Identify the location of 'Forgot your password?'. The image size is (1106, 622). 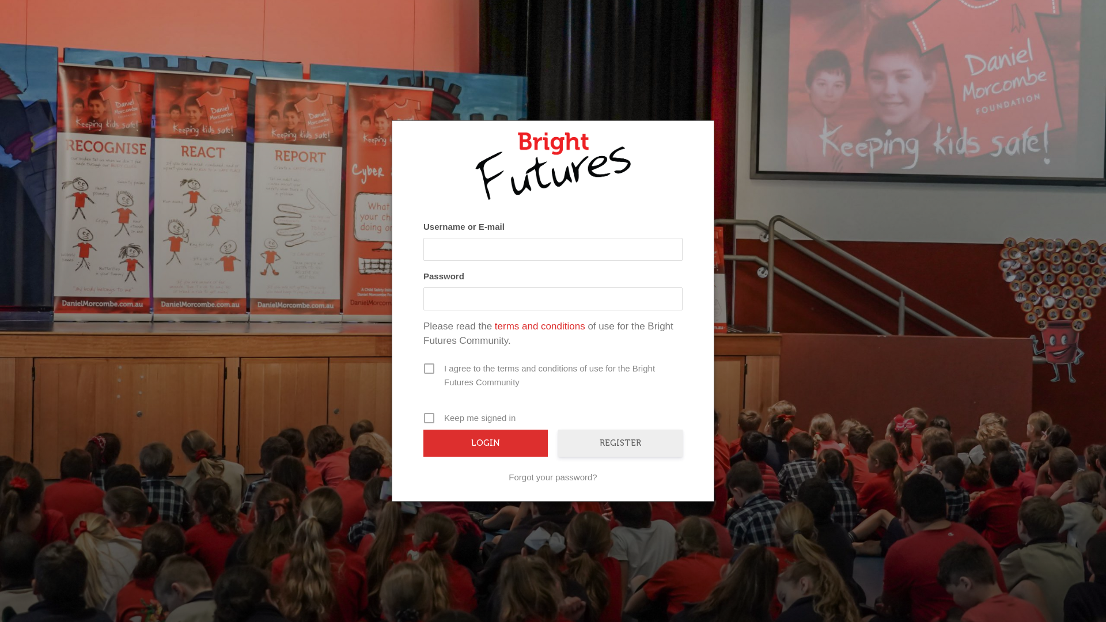
(553, 477).